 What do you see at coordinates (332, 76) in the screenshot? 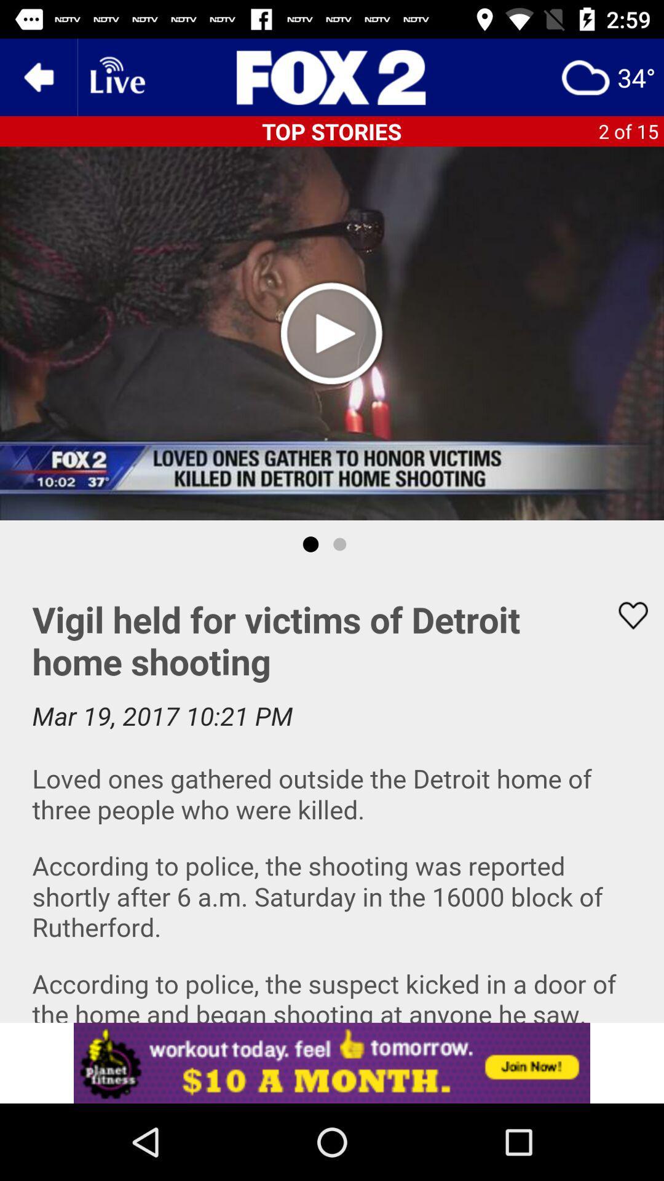
I see `click the logo` at bounding box center [332, 76].